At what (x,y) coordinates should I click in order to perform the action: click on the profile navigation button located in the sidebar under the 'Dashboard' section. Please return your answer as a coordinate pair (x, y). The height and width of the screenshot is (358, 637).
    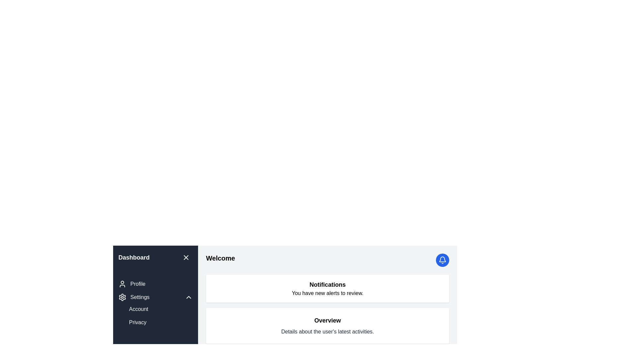
    Looking at the image, I should click on (132, 283).